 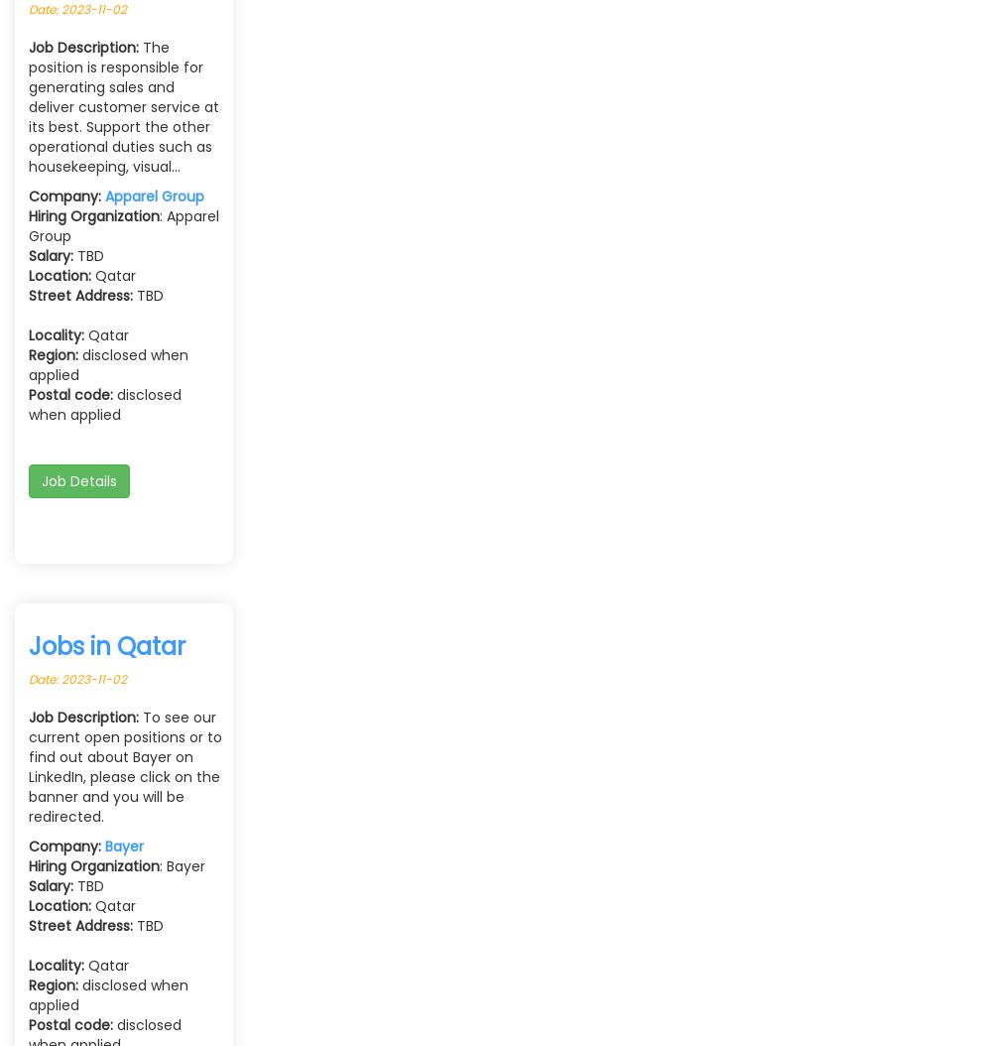 What do you see at coordinates (155, 196) in the screenshot?
I see `'Apparel Group'` at bounding box center [155, 196].